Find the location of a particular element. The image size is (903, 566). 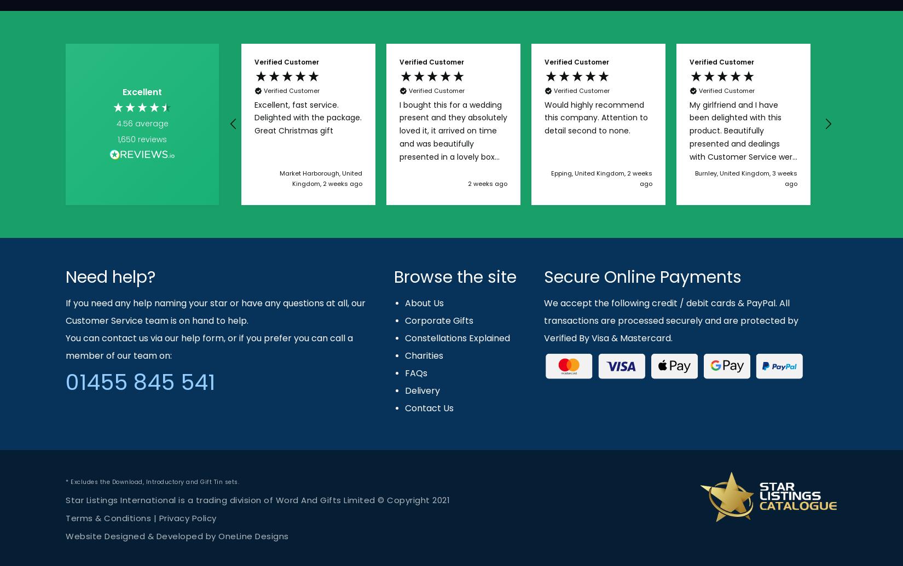

'5 days ago' is located at coordinates (54, 183).